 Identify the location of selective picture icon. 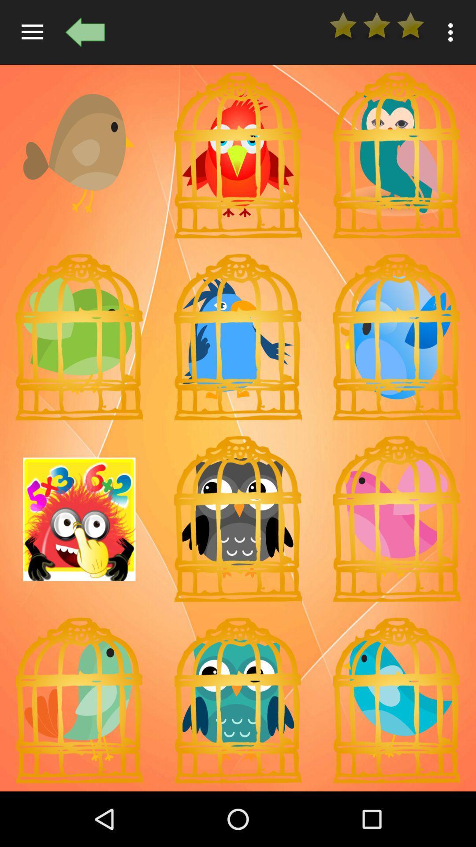
(238, 337).